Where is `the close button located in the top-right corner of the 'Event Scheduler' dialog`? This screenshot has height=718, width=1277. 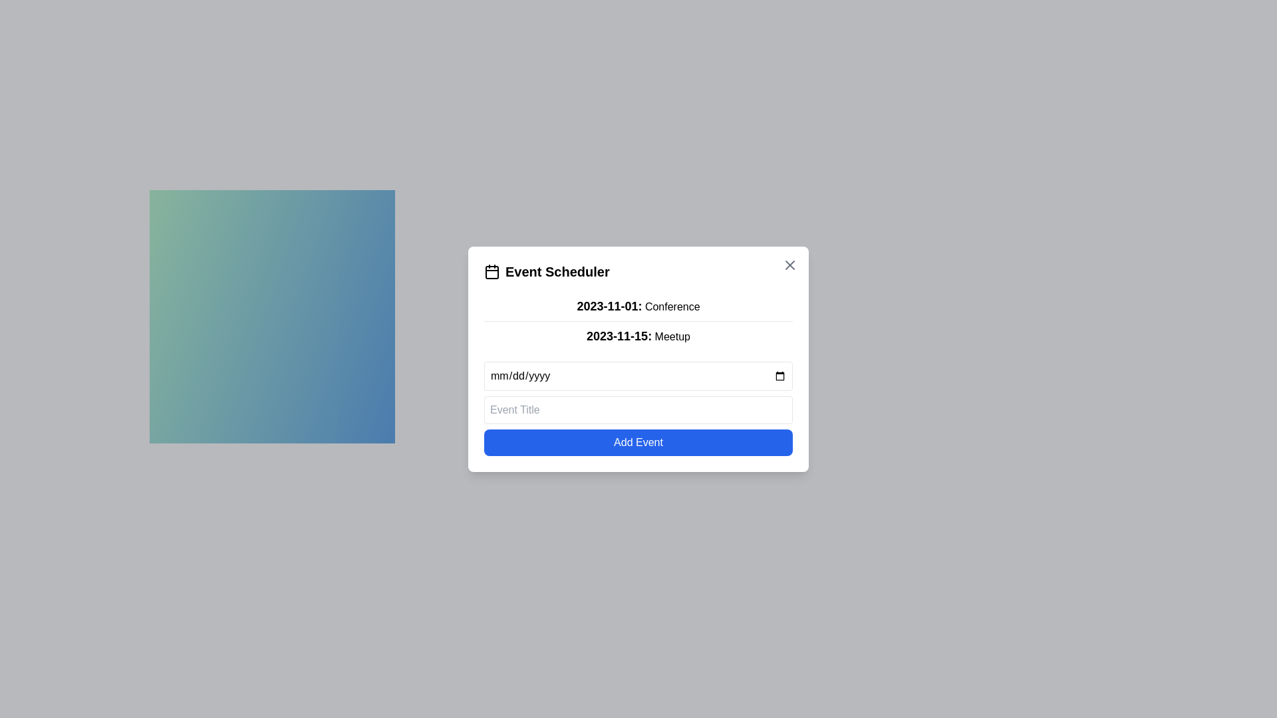
the close button located in the top-right corner of the 'Event Scheduler' dialog is located at coordinates (790, 264).